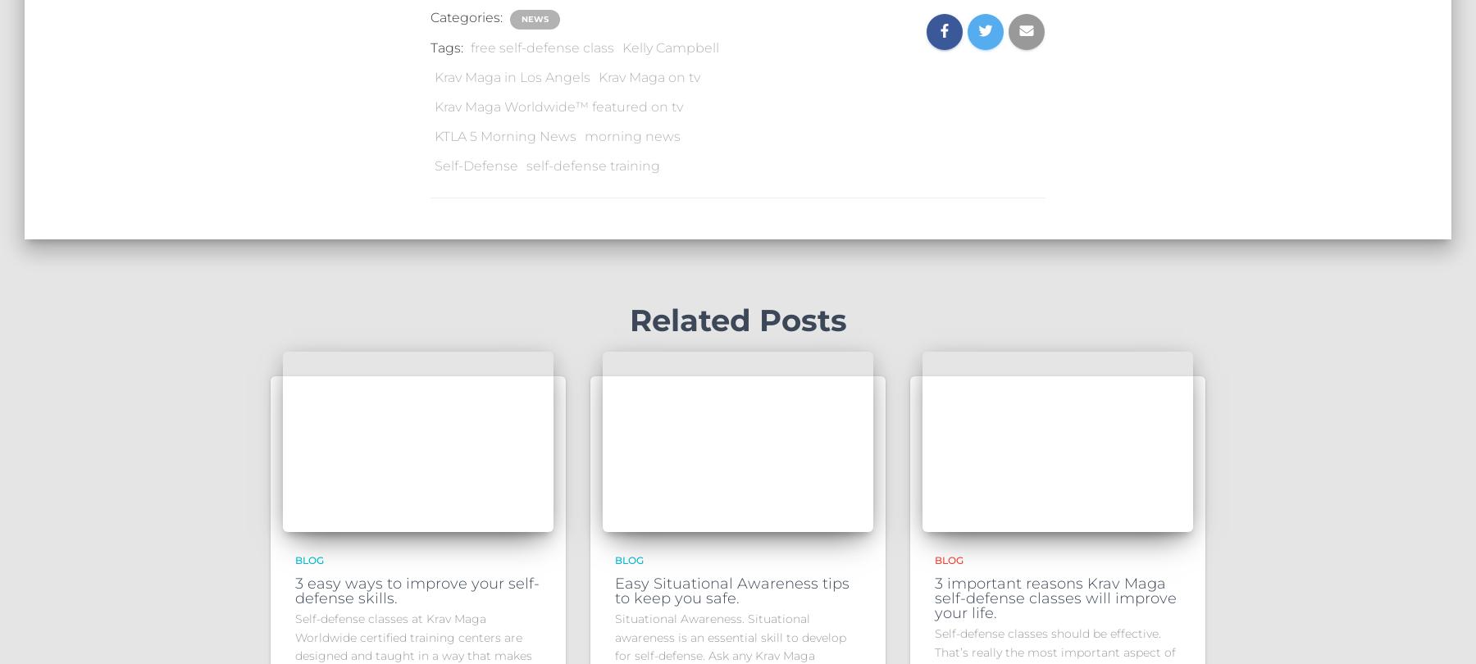 The width and height of the screenshot is (1476, 664). What do you see at coordinates (614, 589) in the screenshot?
I see `'Easy Situational Awareness tips to keep you safe.'` at bounding box center [614, 589].